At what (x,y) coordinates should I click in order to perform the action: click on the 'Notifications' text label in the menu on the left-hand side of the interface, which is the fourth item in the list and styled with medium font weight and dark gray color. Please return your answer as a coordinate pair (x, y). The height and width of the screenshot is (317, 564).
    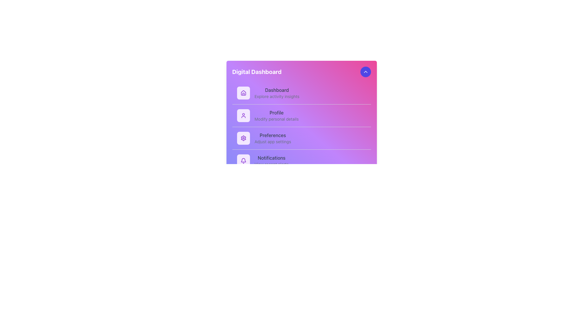
    Looking at the image, I should click on (271, 157).